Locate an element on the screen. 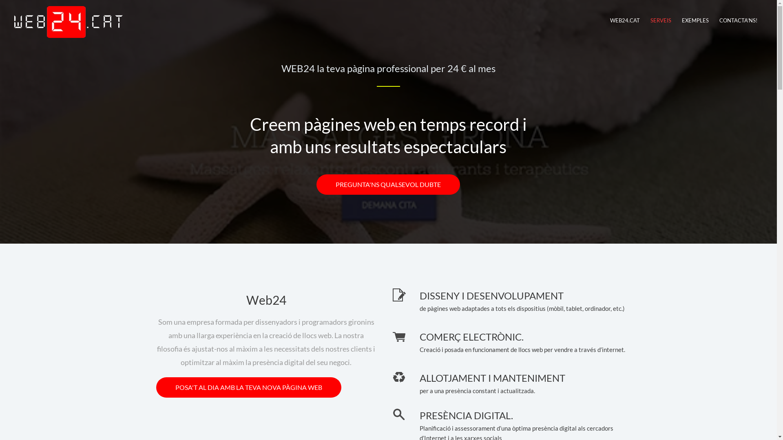  'PREGUNTA'NS QUALSEVOL DUBTE' is located at coordinates (316, 184).